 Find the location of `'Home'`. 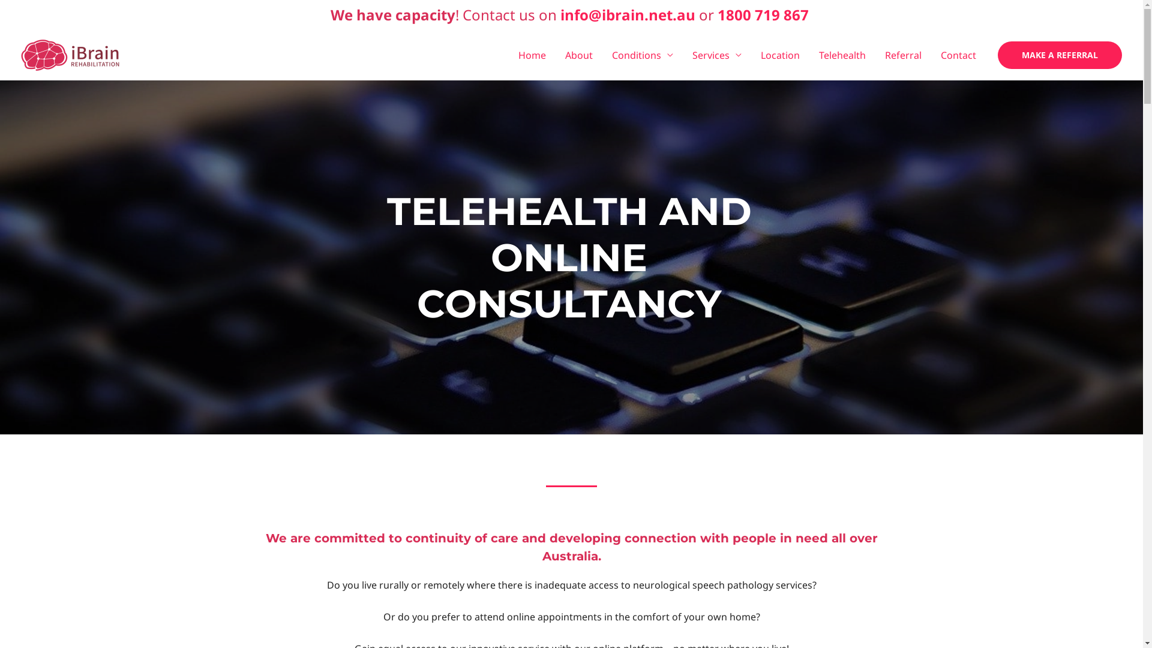

'Home' is located at coordinates (509, 55).